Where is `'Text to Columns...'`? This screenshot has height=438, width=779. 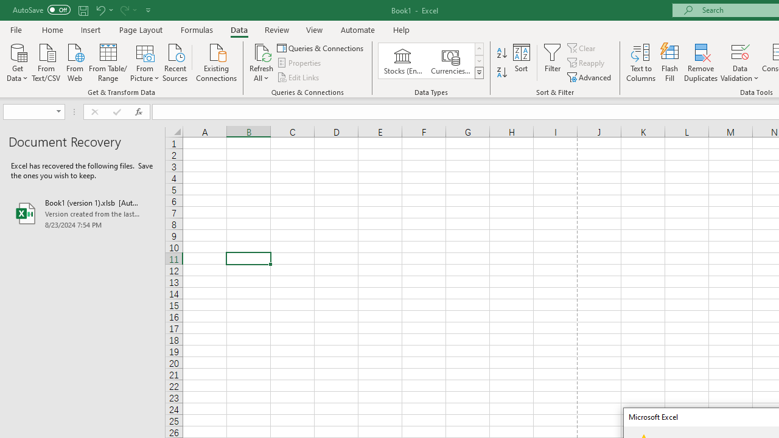
'Text to Columns...' is located at coordinates (640, 63).